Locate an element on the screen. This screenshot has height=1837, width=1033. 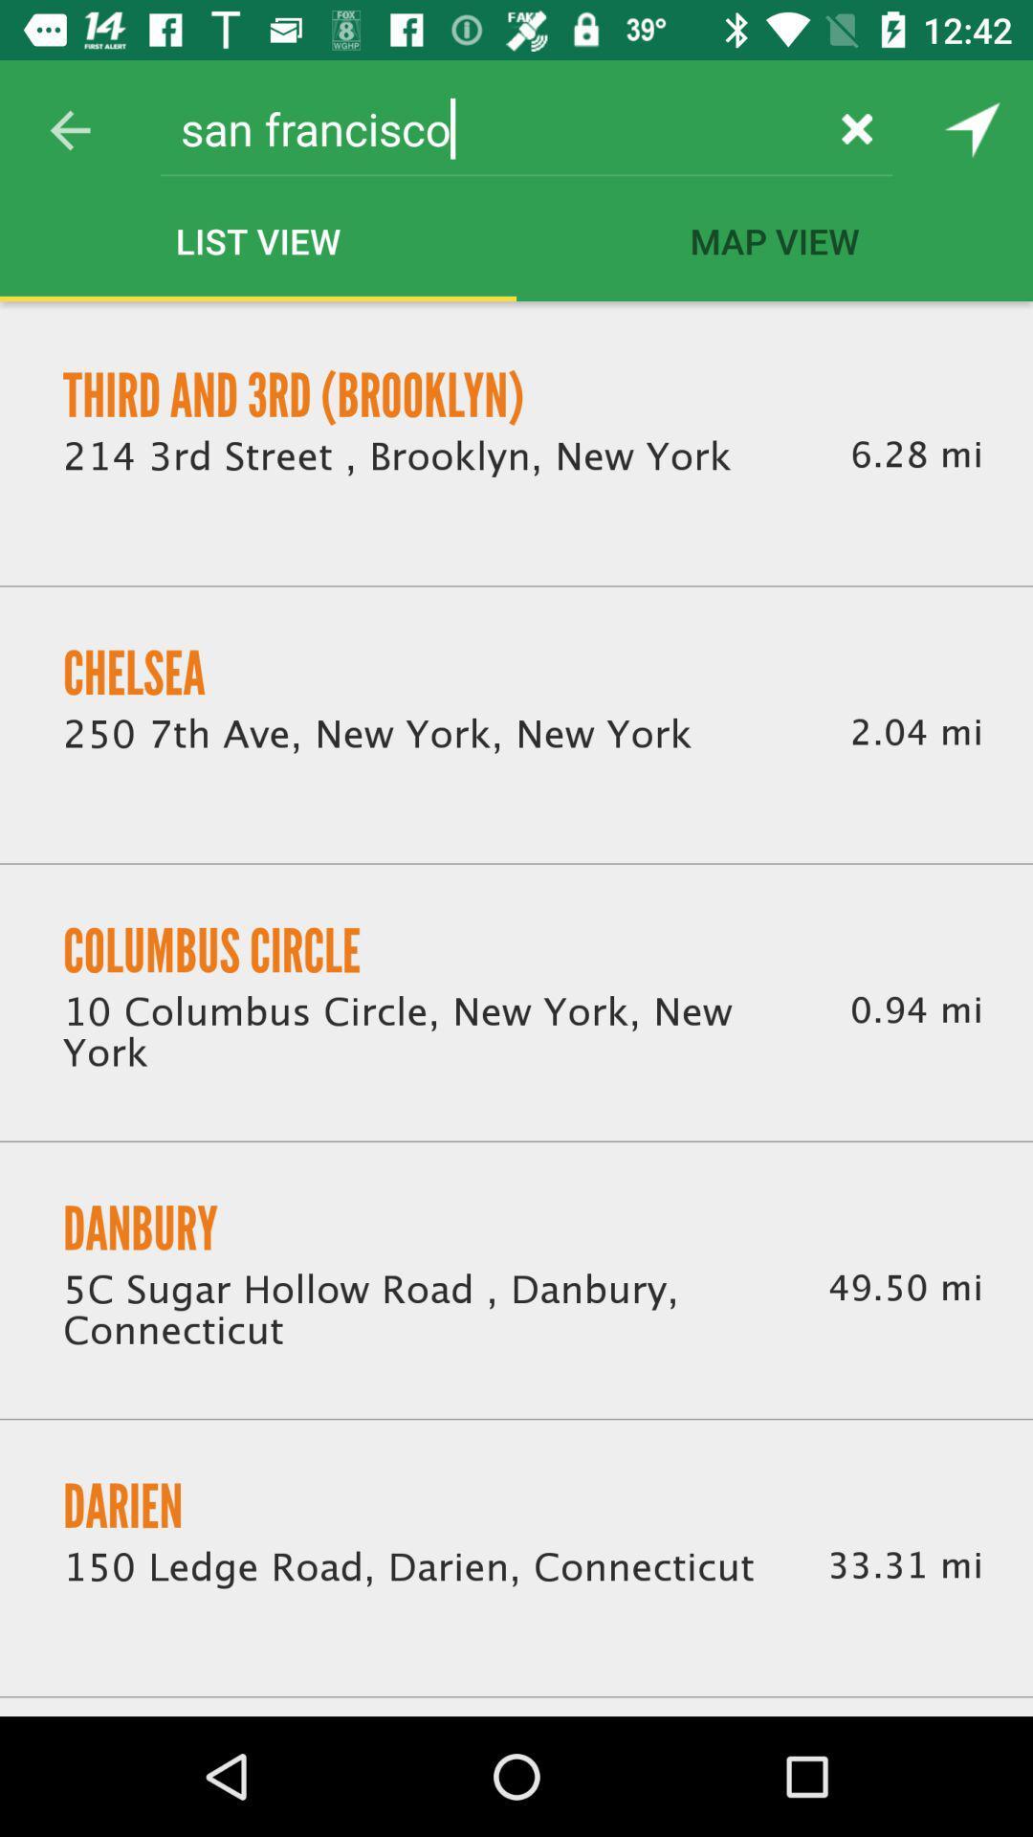
san francisco item is located at coordinates (490, 127).